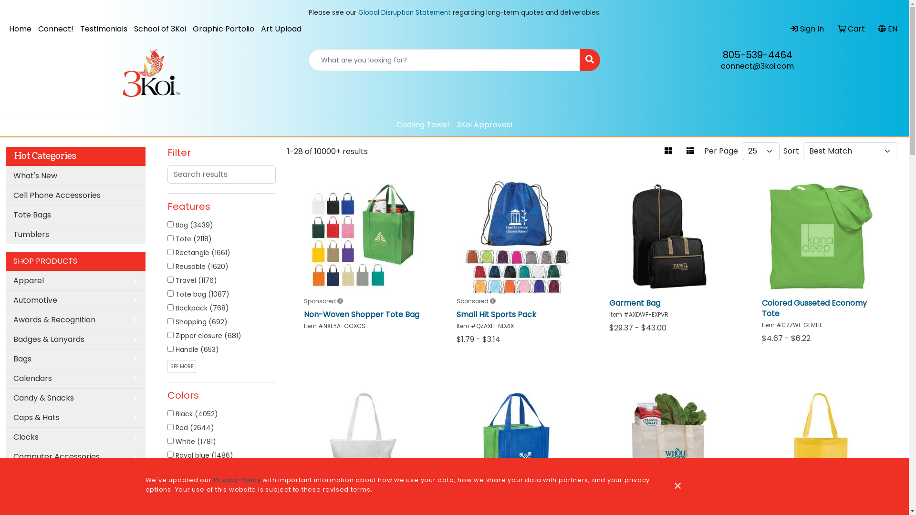  Describe the element at coordinates (75, 319) in the screenshot. I see `'Awards & Recognition'` at that location.